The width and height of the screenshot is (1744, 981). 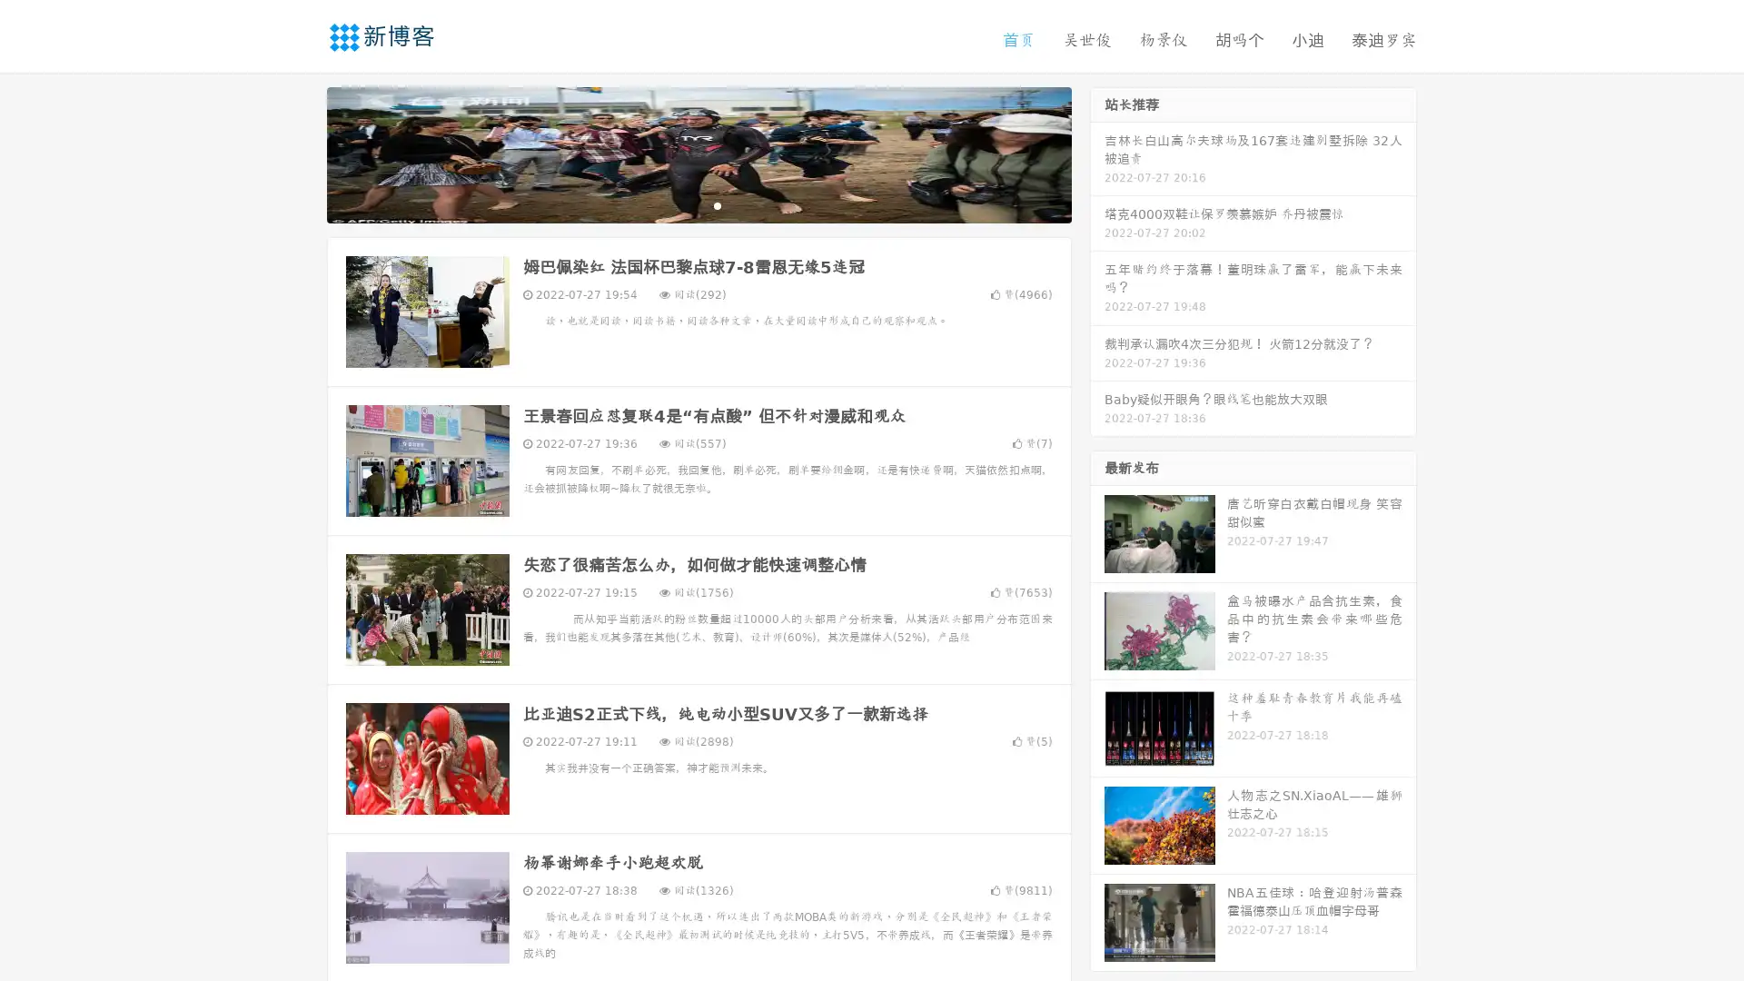 What do you see at coordinates (300, 153) in the screenshot?
I see `Previous slide` at bounding box center [300, 153].